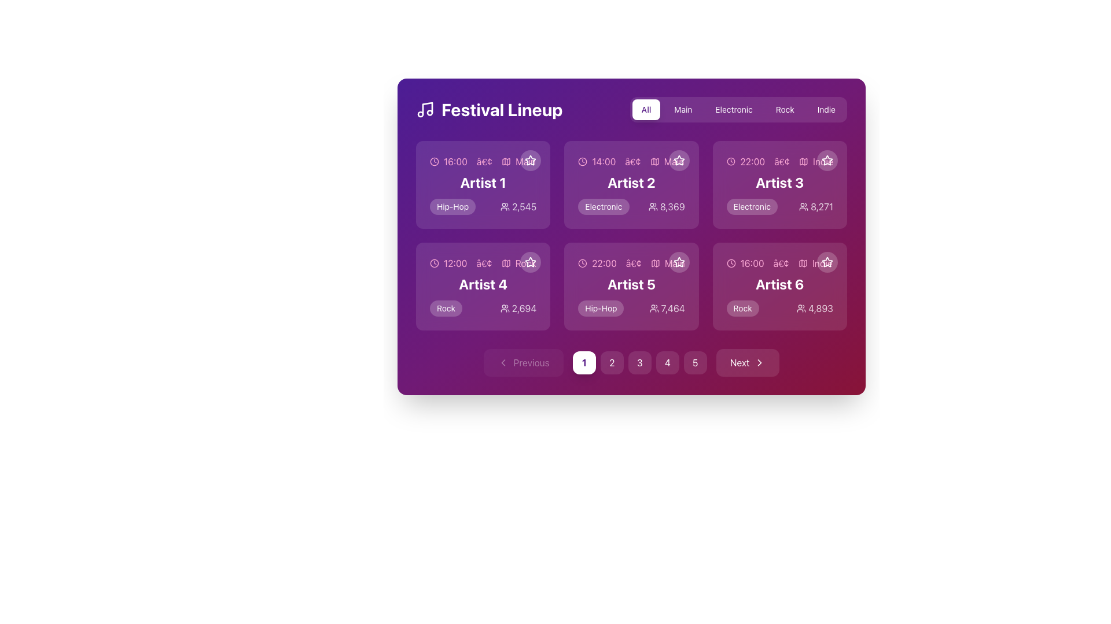 The height and width of the screenshot is (624, 1111). Describe the element at coordinates (604, 263) in the screenshot. I see `the text label displaying the time '22:00' in pink font color, located in the middle of the horizontal layout row for 'Artist 5' in the second row, first column of the grid` at that location.